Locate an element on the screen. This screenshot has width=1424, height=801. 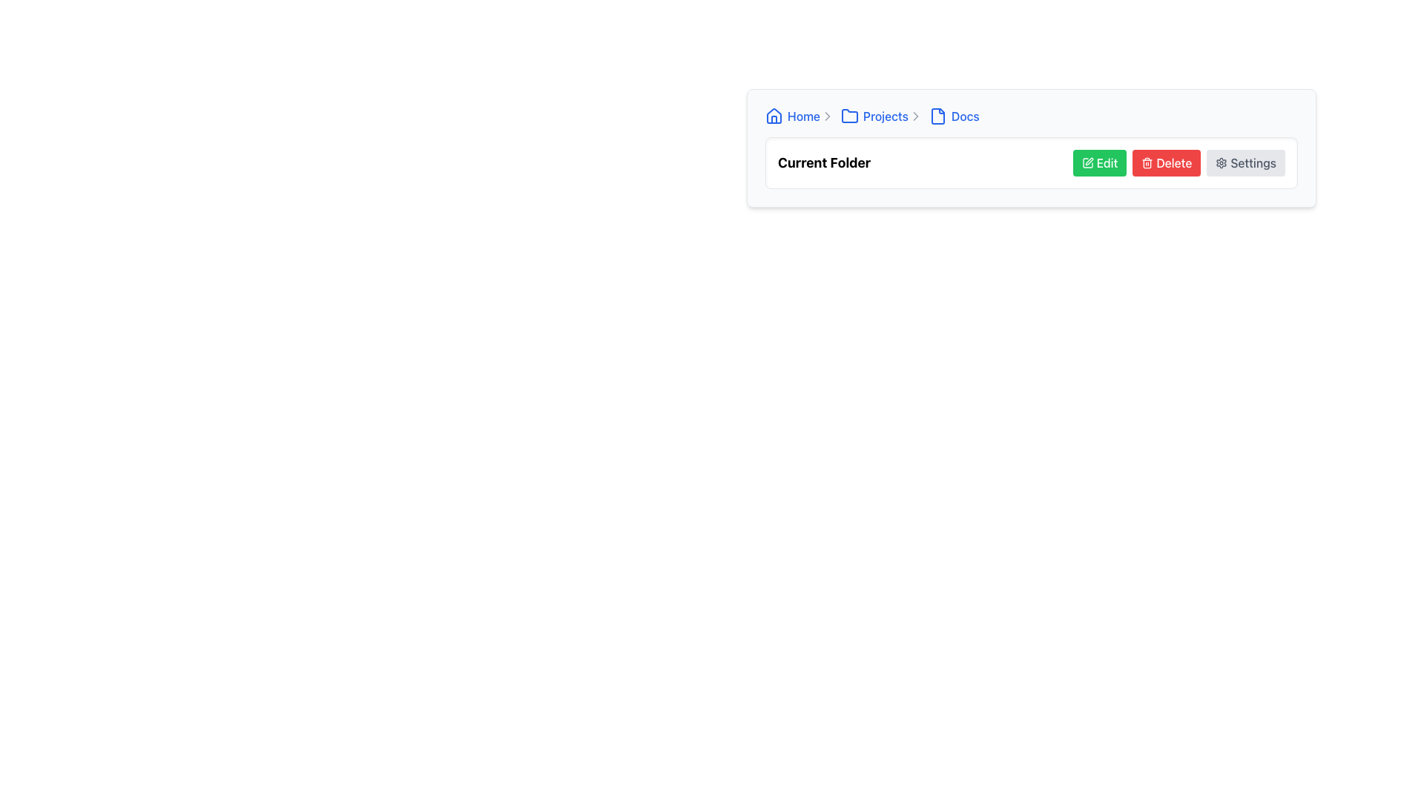
the 'Home' hyperlink with a house icon is located at coordinates (792, 116).